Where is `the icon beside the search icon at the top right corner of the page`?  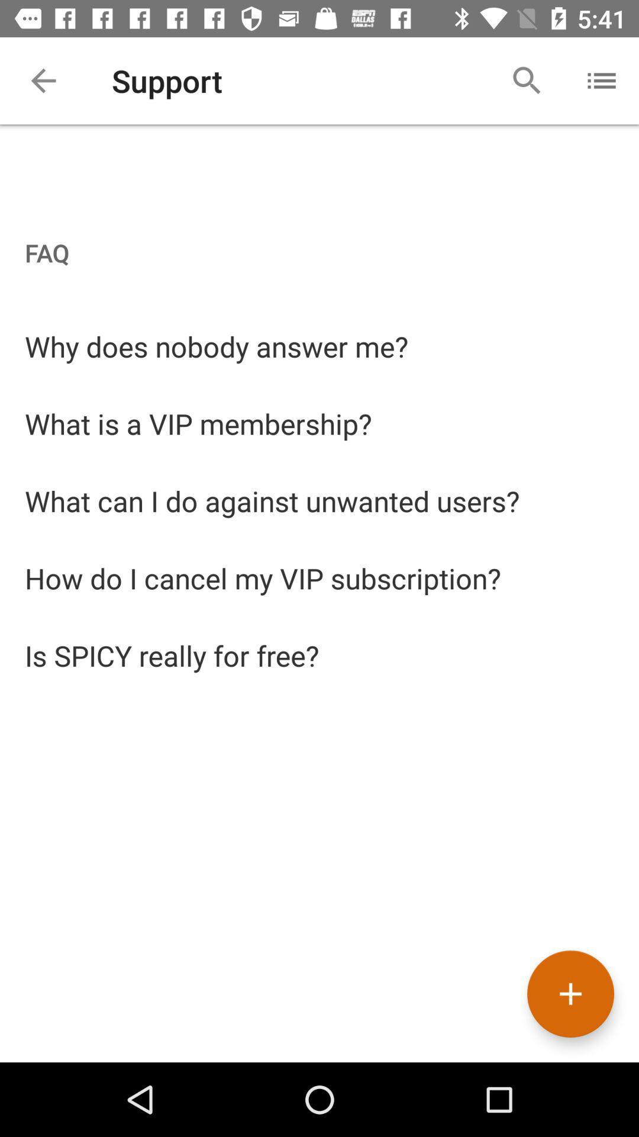 the icon beside the search icon at the top right corner of the page is located at coordinates (602, 81).